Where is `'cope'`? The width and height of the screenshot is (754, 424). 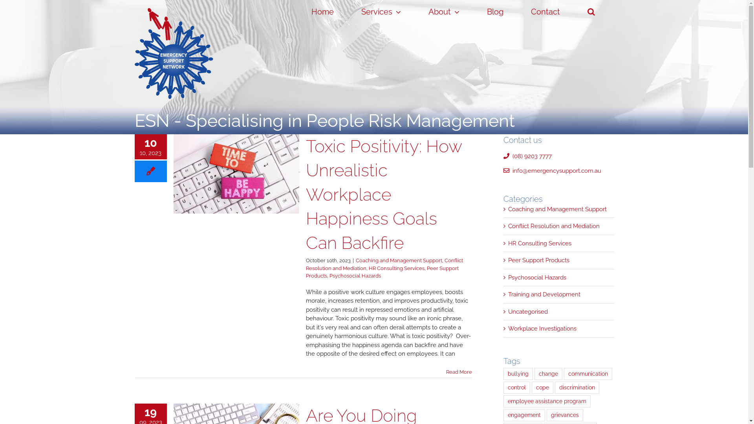 'cope' is located at coordinates (531, 387).